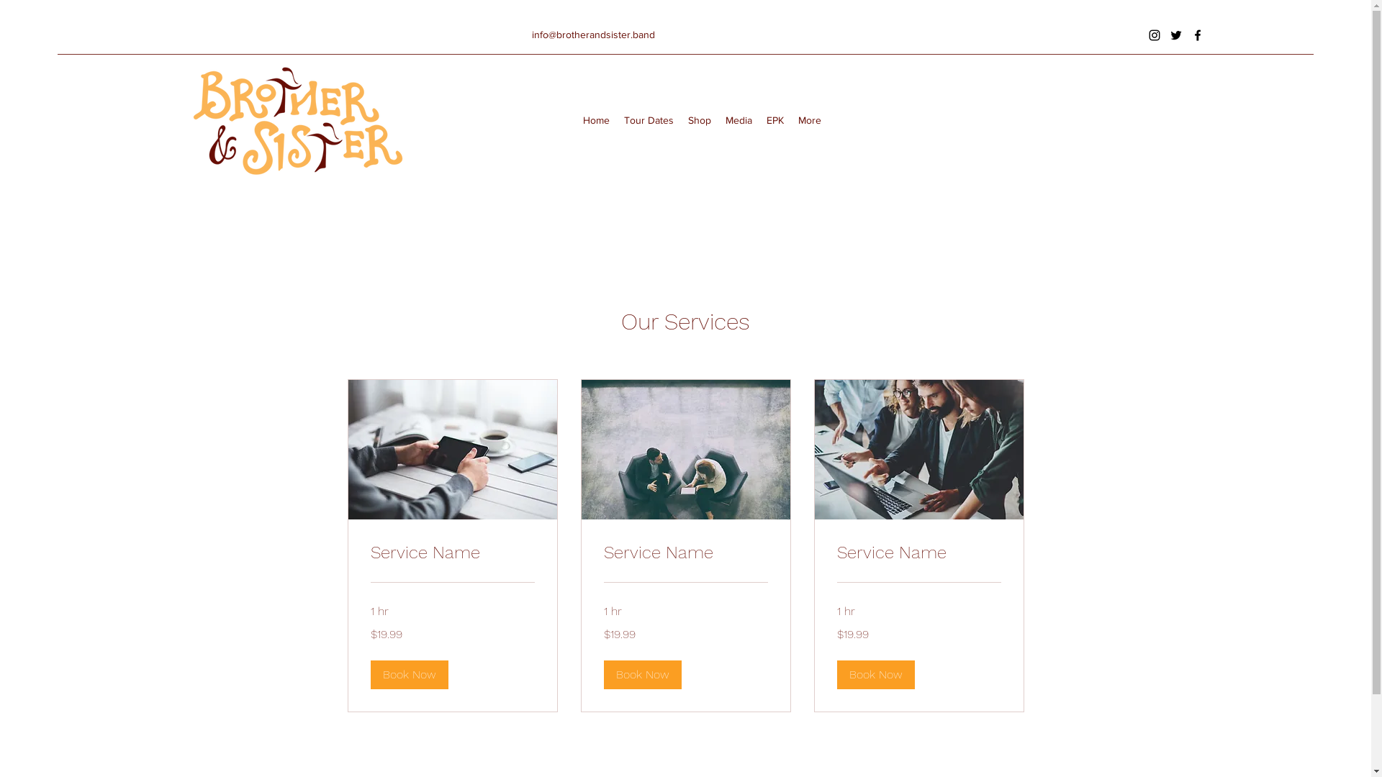 The height and width of the screenshot is (777, 1382). Describe the element at coordinates (759, 119) in the screenshot. I see `'EPK'` at that location.